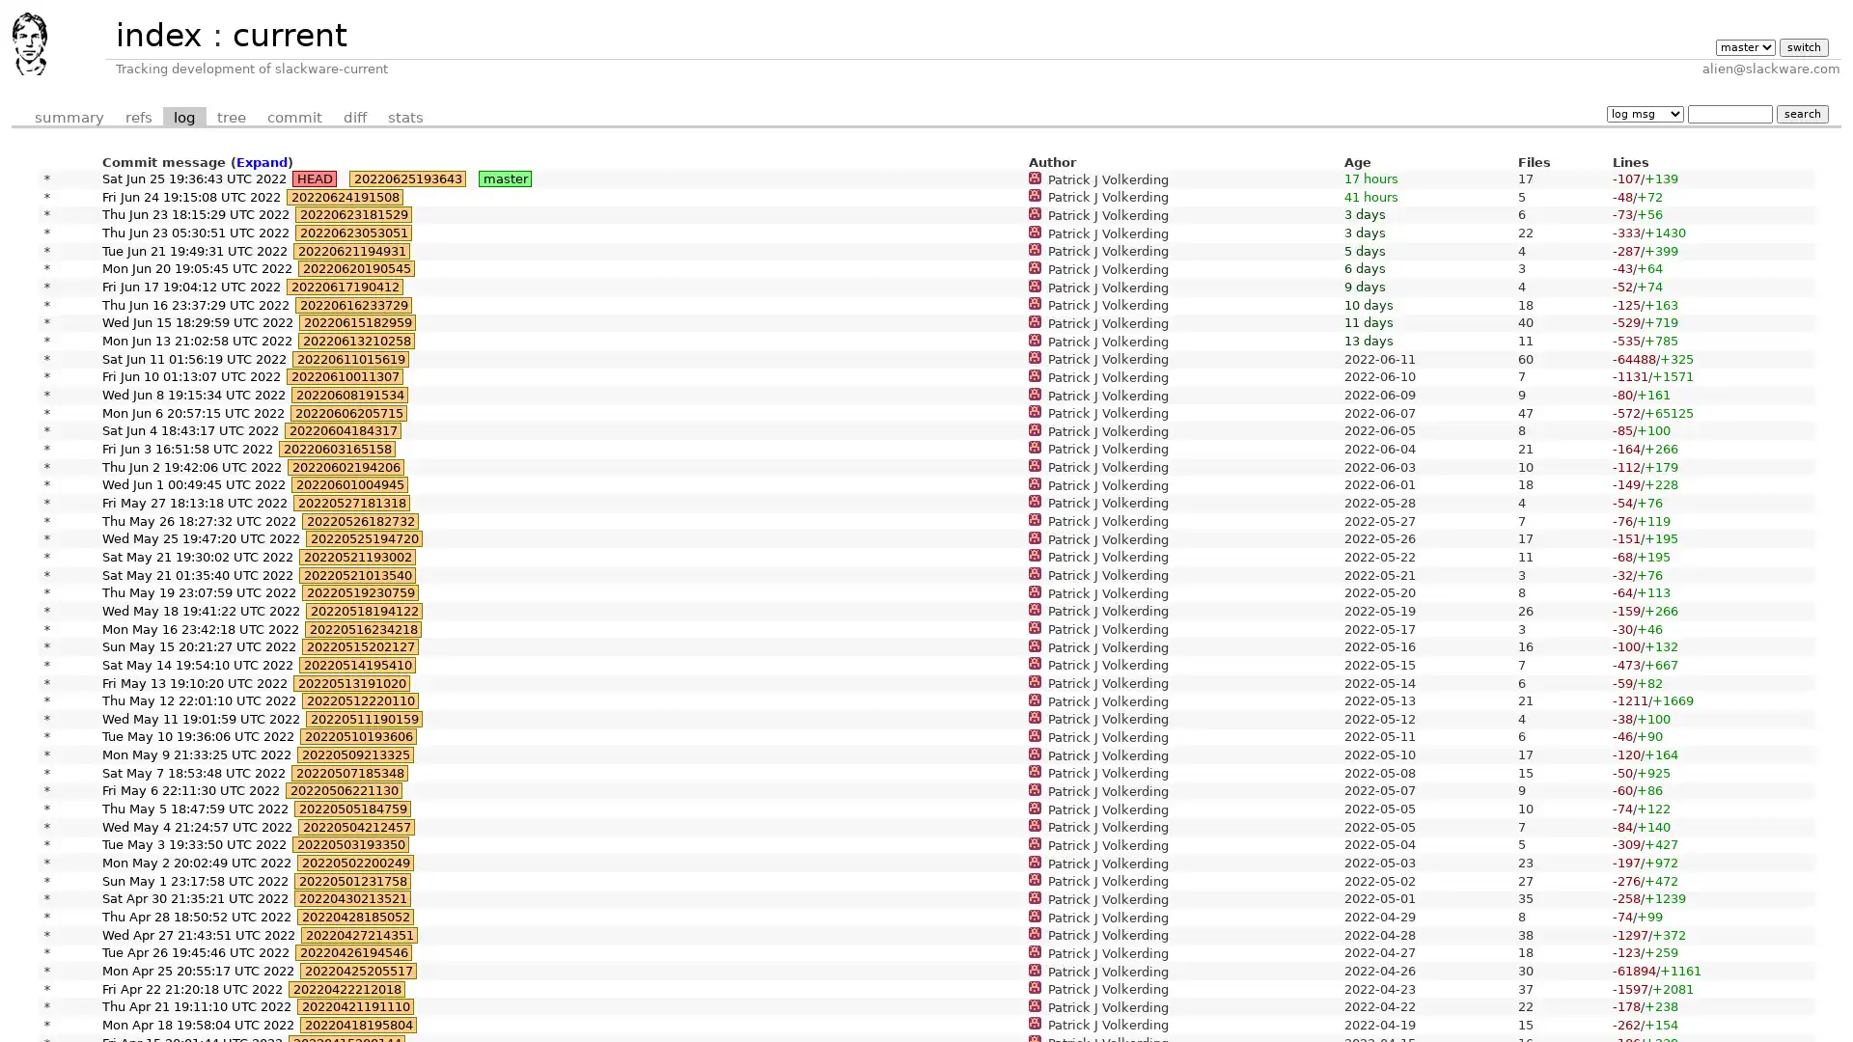 The image size is (1853, 1042). I want to click on search, so click(1801, 113).